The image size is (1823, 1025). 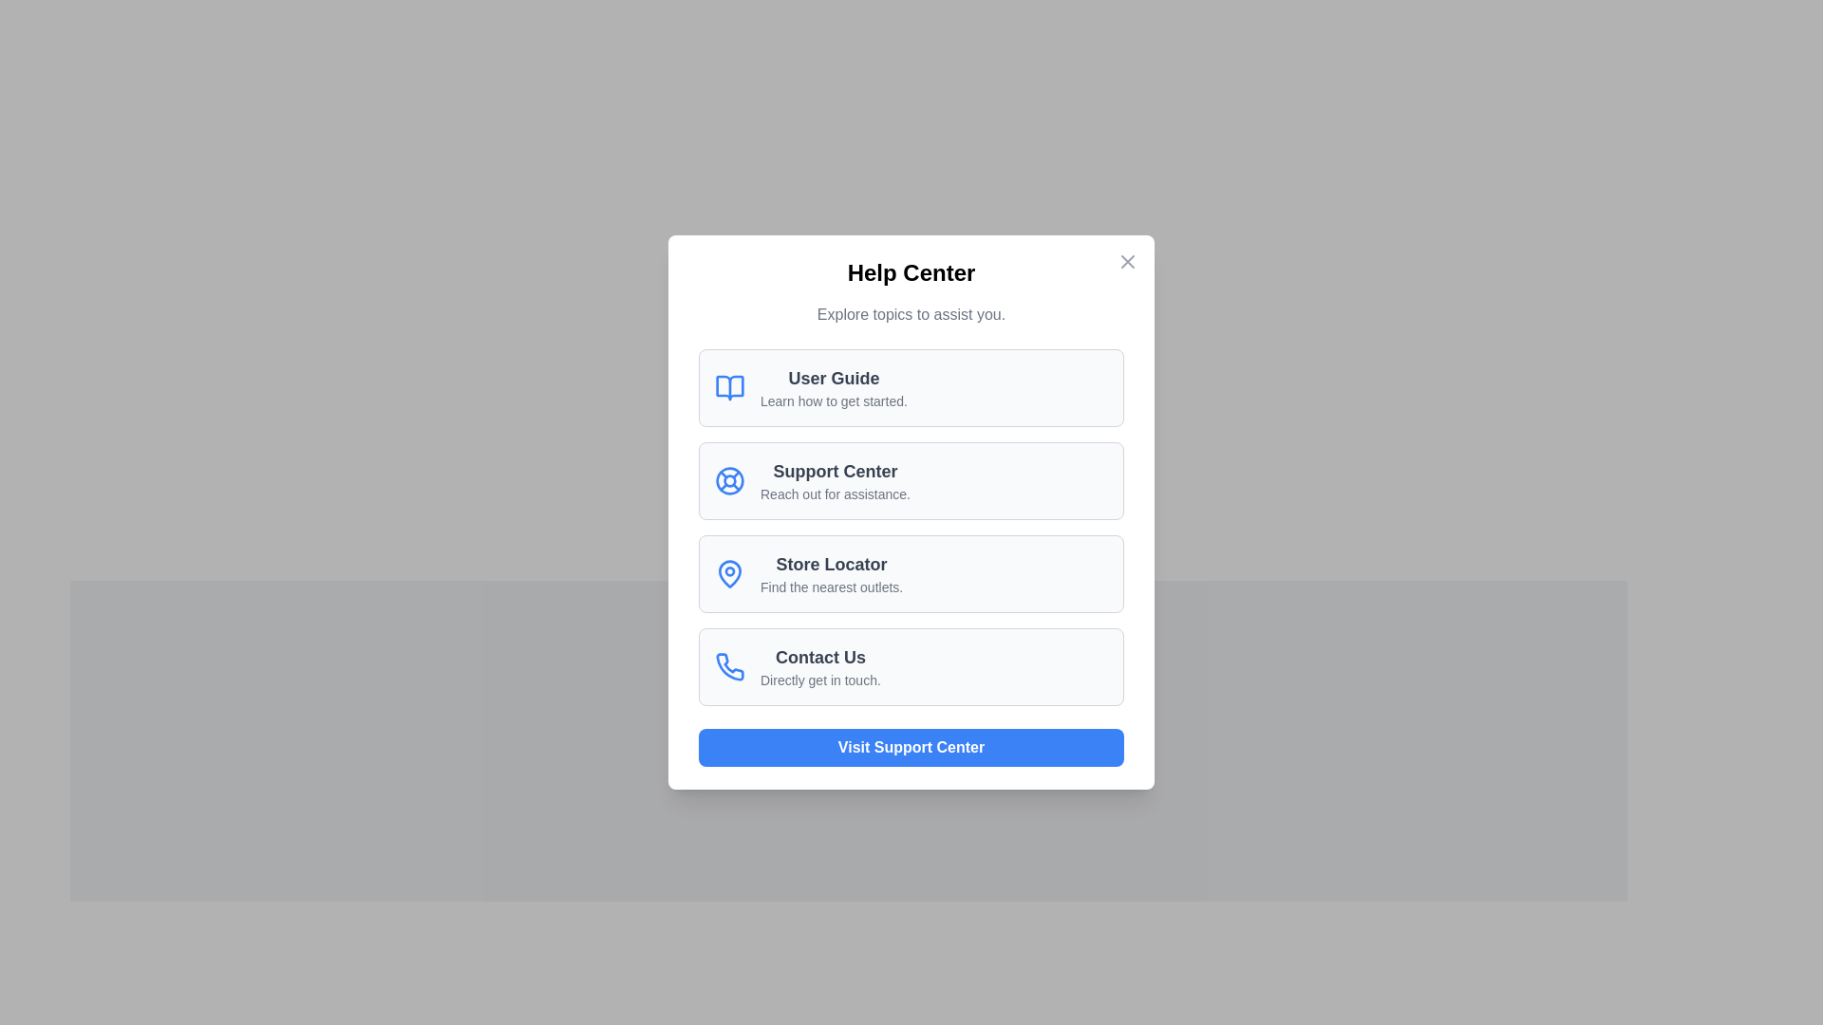 I want to click on the 'Store Locator' button styled as a card for keyboard interaction, so click(x=911, y=573).